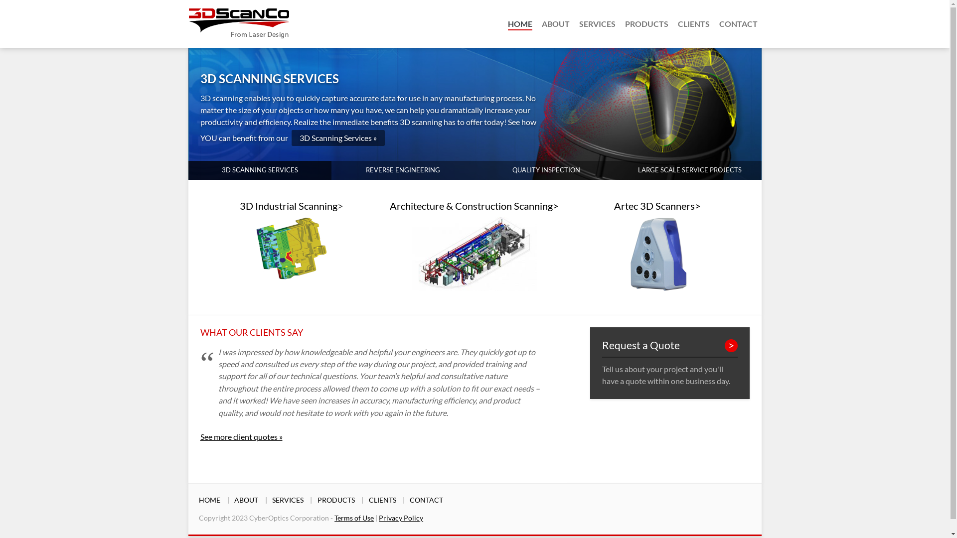  Describe the element at coordinates (317, 500) in the screenshot. I see `'PRODUCTS'` at that location.